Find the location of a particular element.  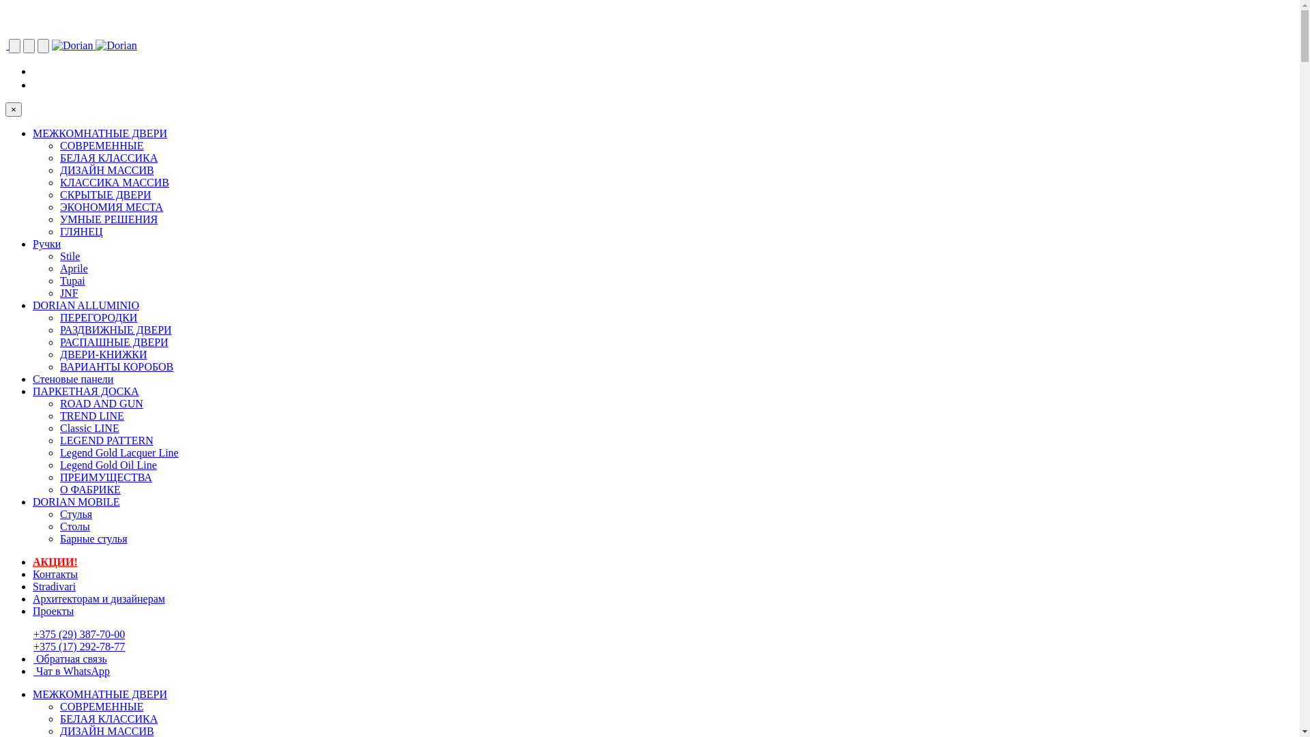

'DORIAN MOBILE' is located at coordinates (75, 502).